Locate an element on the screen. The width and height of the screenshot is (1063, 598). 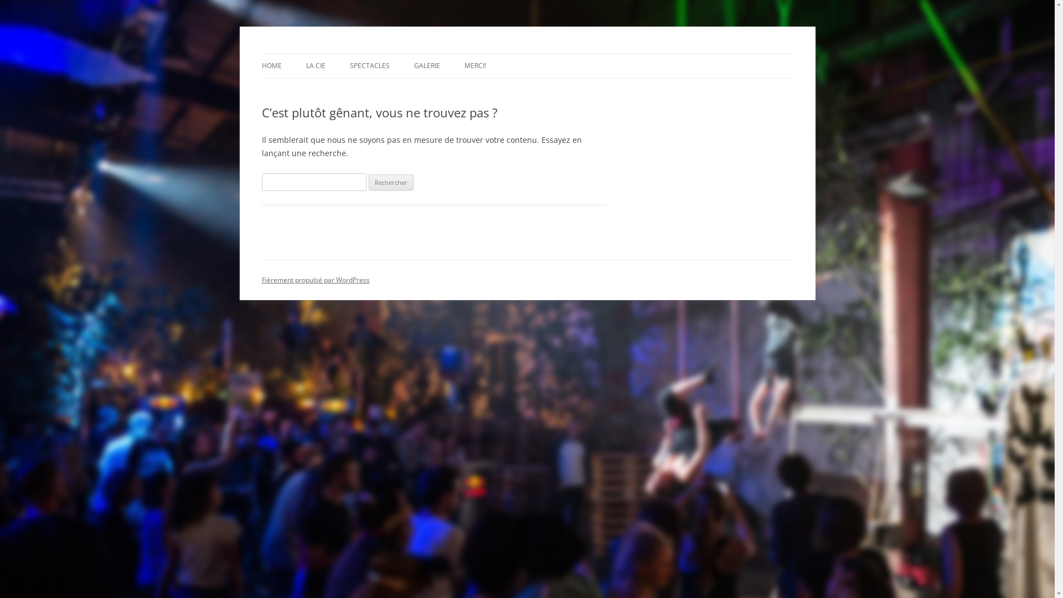
'LA CIE' is located at coordinates (314, 66).